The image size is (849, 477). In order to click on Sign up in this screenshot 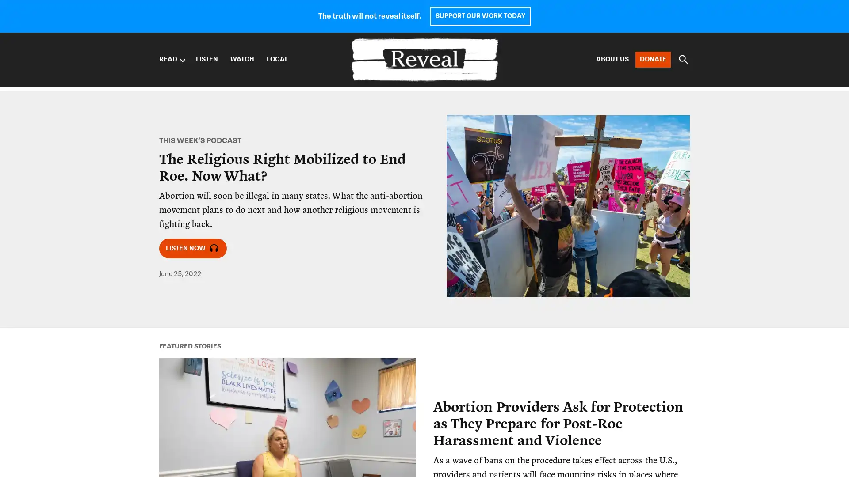, I will do `click(452, 376)`.